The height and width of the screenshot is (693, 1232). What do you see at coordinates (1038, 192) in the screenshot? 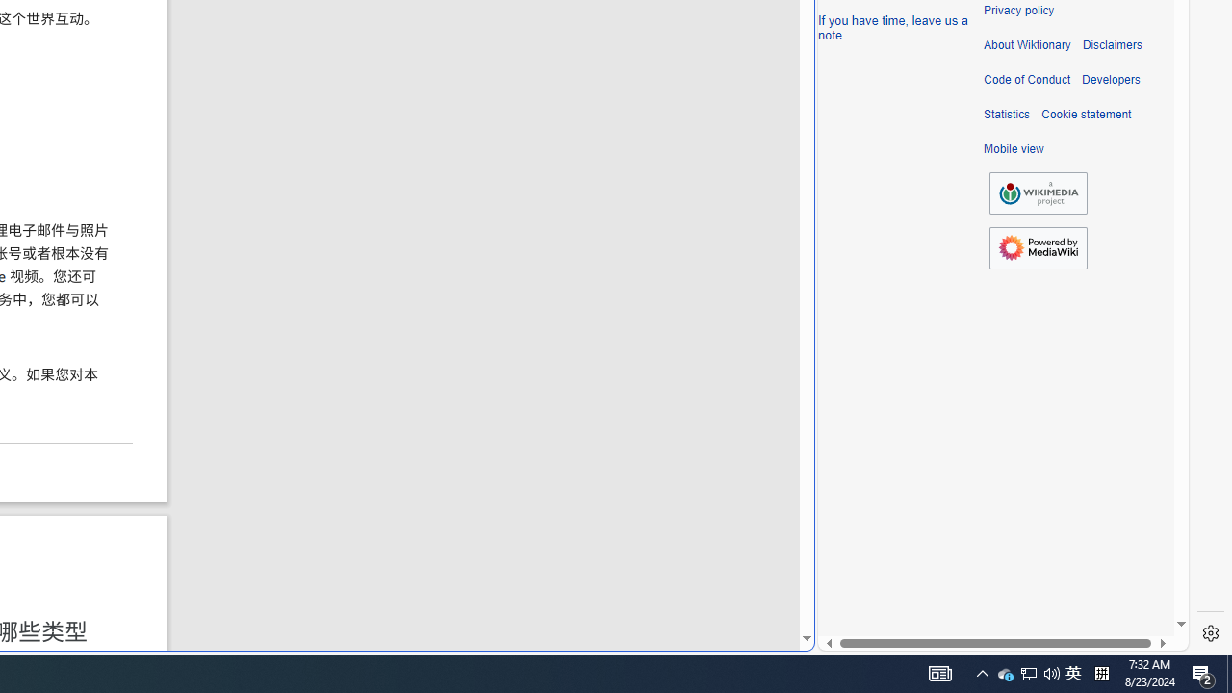
I see `'Wikimedia Foundation'` at bounding box center [1038, 192].